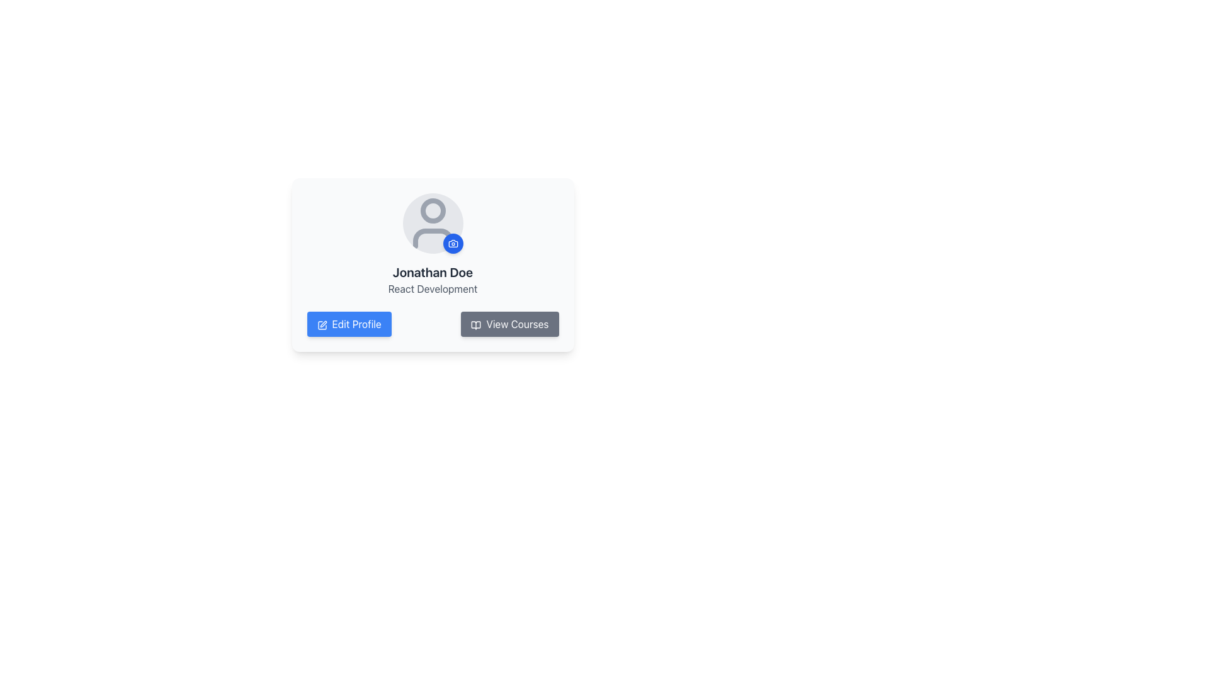 The height and width of the screenshot is (680, 1209). Describe the element at coordinates (509, 324) in the screenshot. I see `the button located to the right of the blue 'Edit Profile' button in the horizontal button group` at that location.